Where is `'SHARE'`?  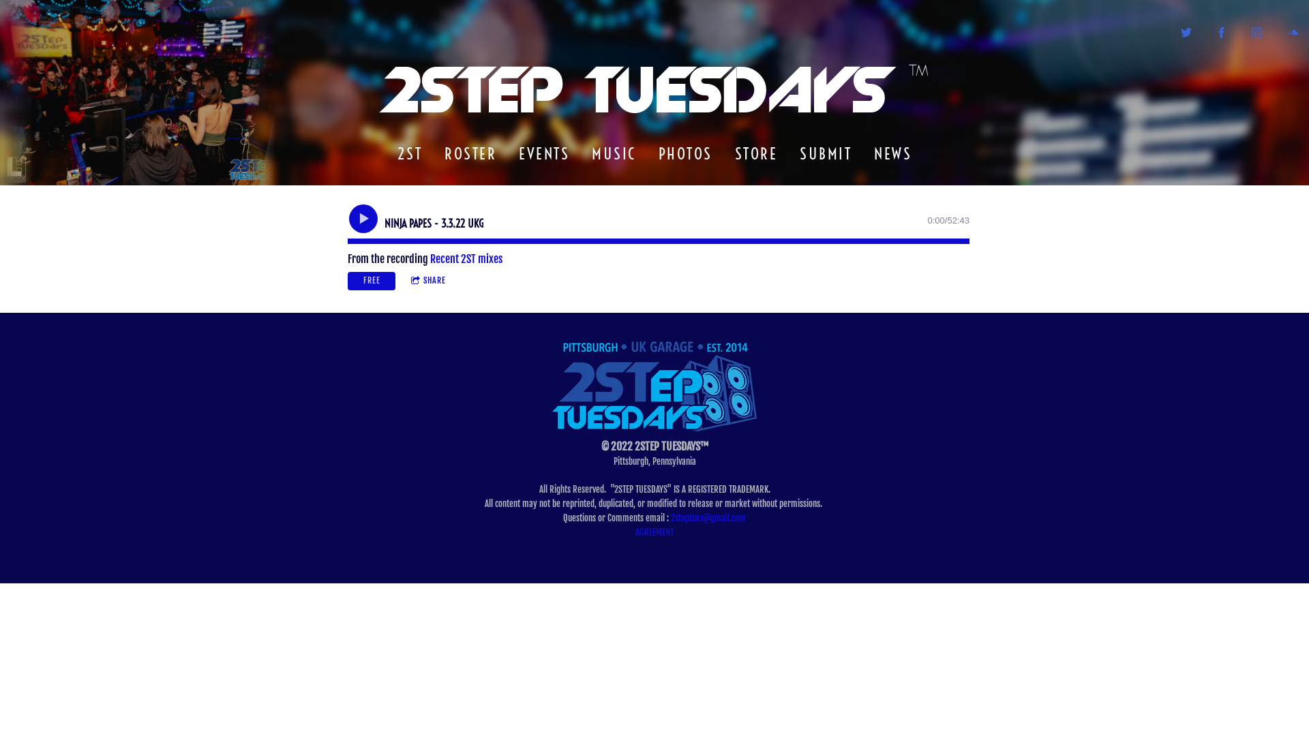
'SHARE' is located at coordinates (427, 280).